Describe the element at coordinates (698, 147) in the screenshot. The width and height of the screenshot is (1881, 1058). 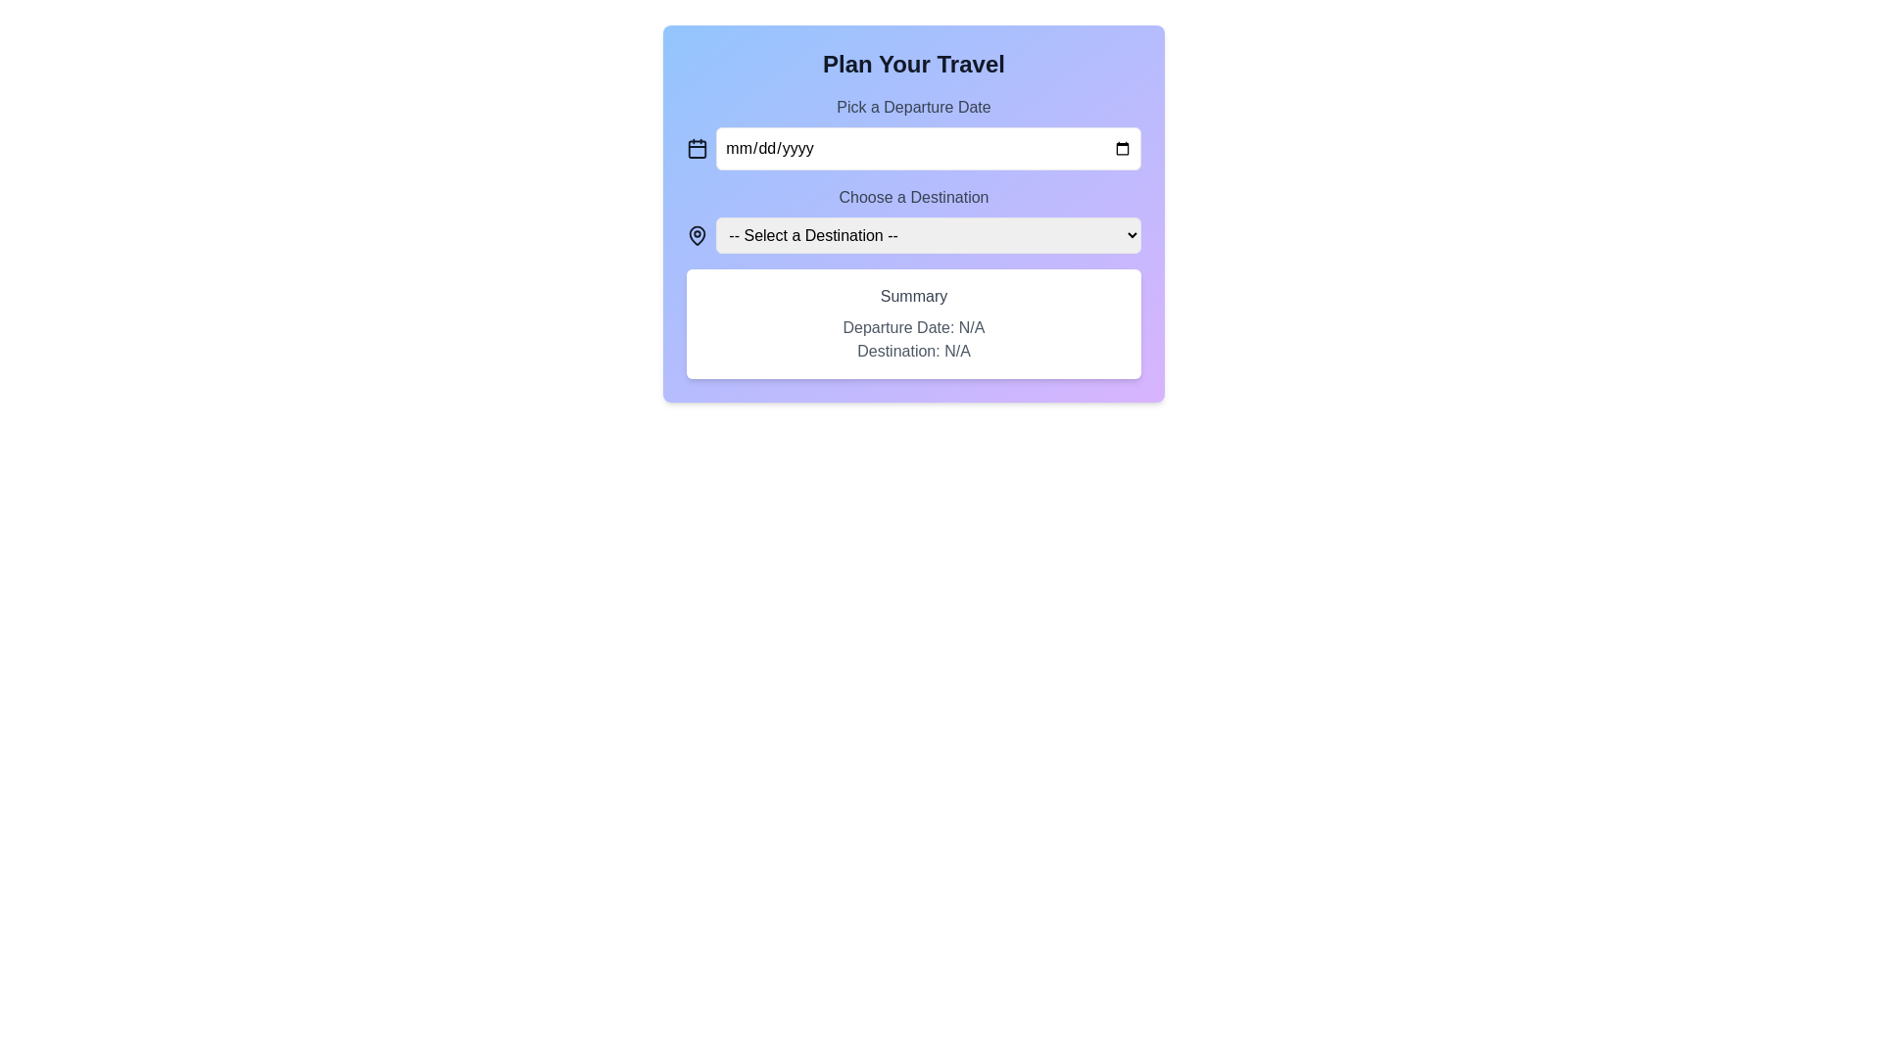
I see `the calendar icon, which has a square shape with a highlighted header and a black outline` at that location.